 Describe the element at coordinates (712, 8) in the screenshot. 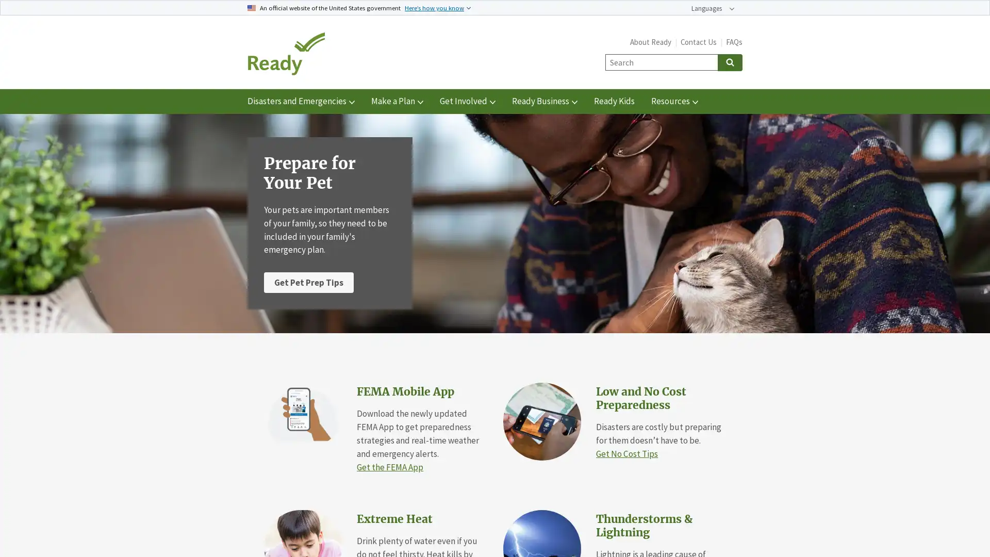

I see `Languages` at that location.